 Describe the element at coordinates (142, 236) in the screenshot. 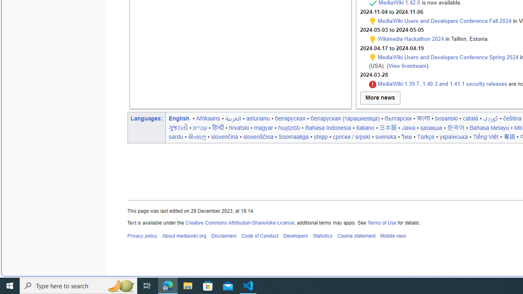

I see `'Privacy policy'` at that location.